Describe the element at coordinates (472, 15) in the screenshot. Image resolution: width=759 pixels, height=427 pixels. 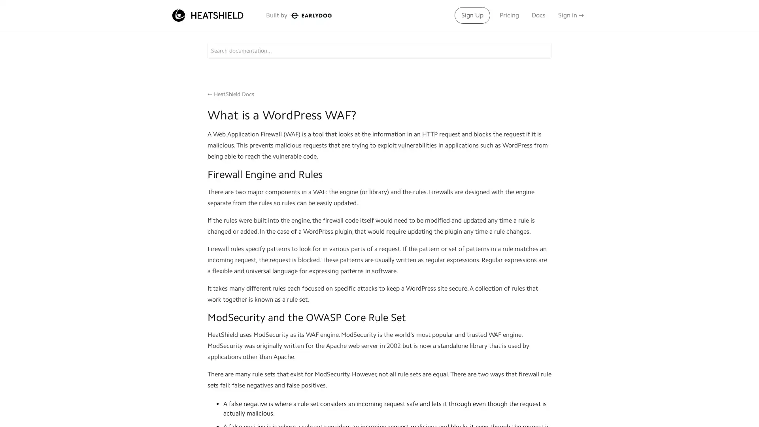
I see `Sign Up` at that location.